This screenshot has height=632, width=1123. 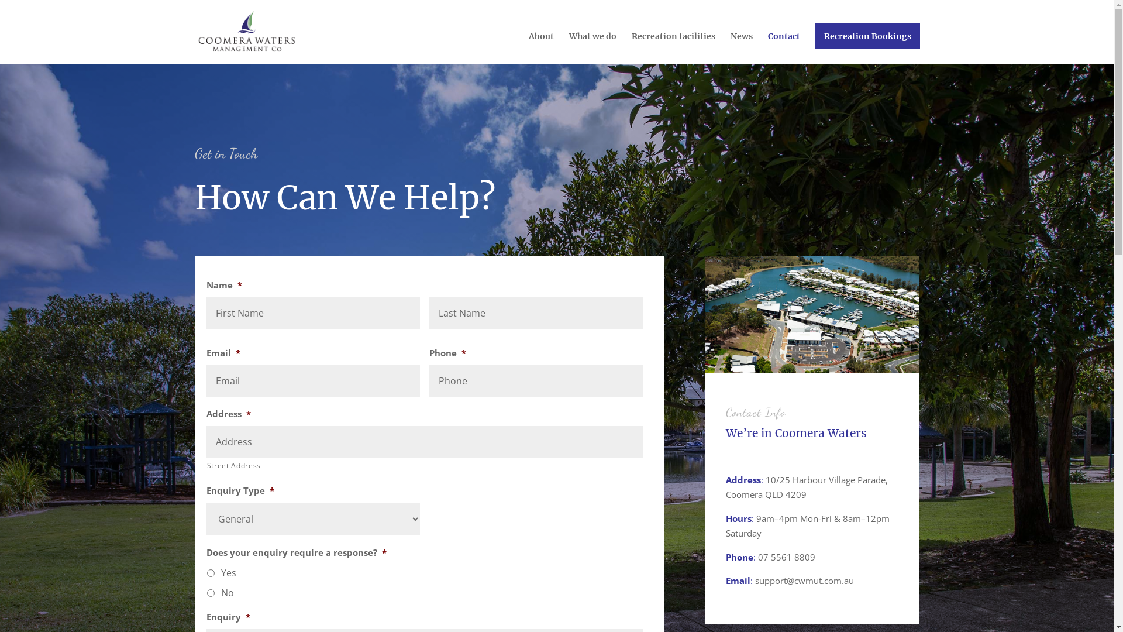 I want to click on 'Contact', so click(x=783, y=47).